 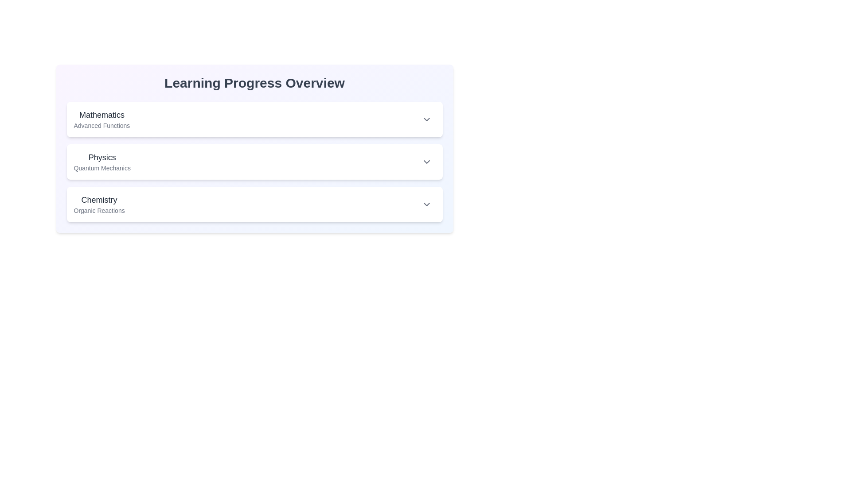 I want to click on the text label 'Organic Reactions' which is styled in a smaller font size and lighter gray color beneath the 'Chemistry' section header, so click(x=99, y=210).